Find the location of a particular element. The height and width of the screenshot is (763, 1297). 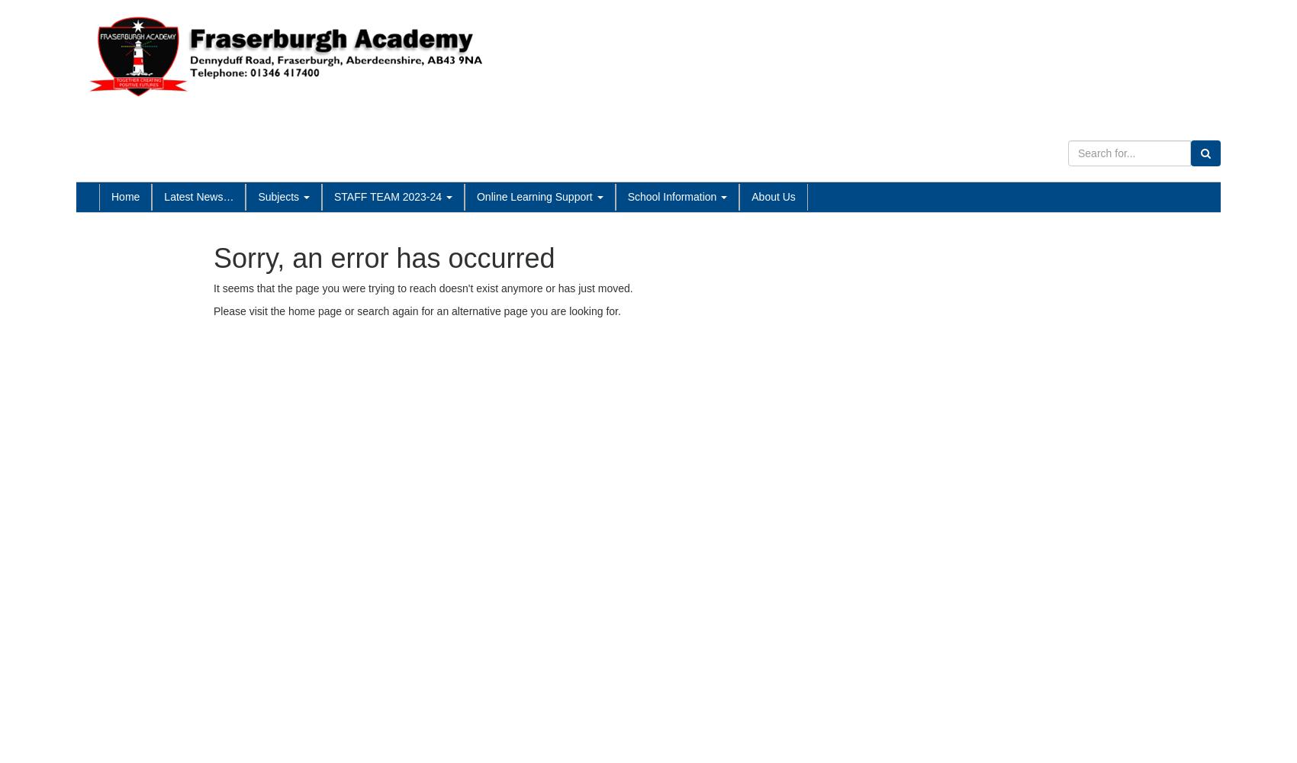

'It seems that the page you were trying to reach doesn't exist anymore or has just moved.' is located at coordinates (213, 288).